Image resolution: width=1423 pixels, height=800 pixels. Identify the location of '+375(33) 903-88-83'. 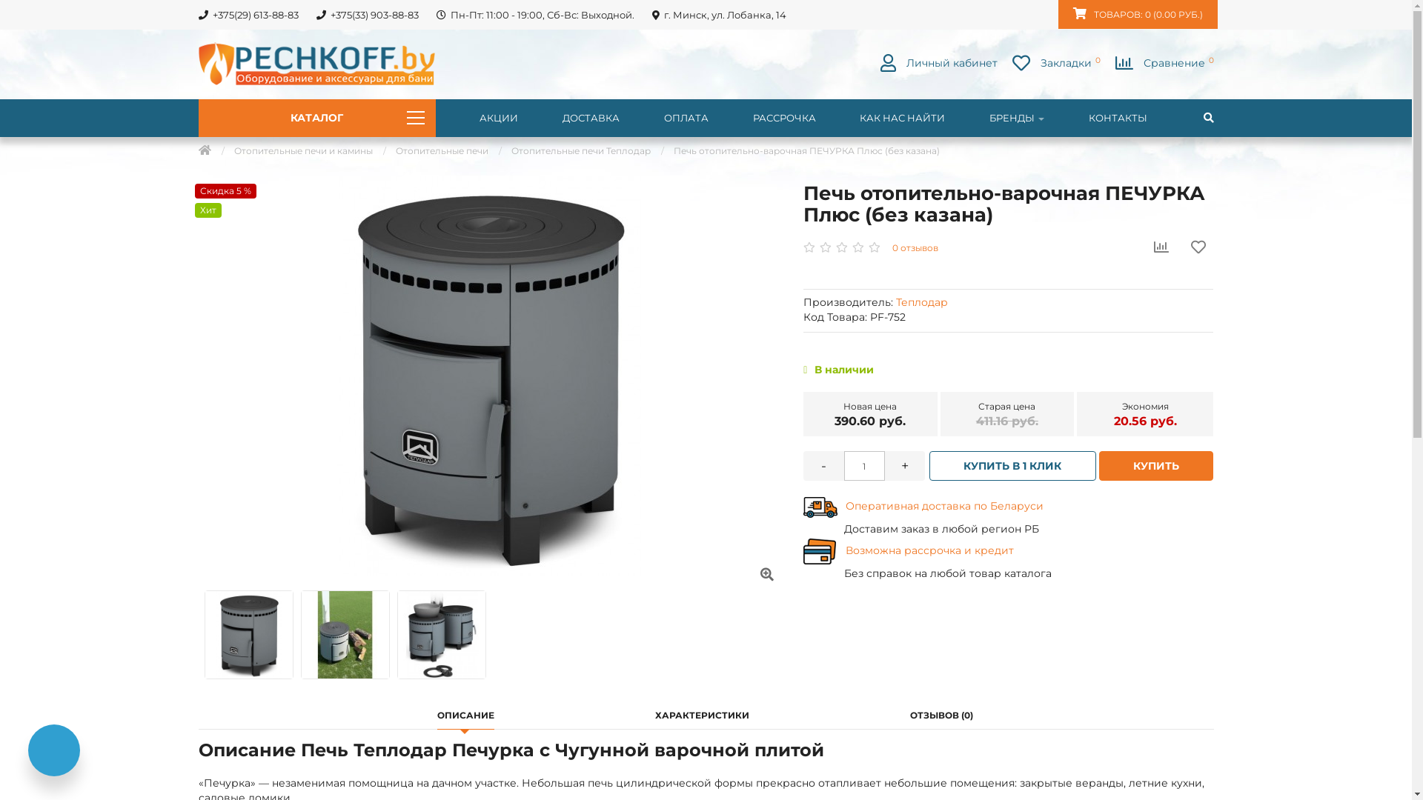
(367, 14).